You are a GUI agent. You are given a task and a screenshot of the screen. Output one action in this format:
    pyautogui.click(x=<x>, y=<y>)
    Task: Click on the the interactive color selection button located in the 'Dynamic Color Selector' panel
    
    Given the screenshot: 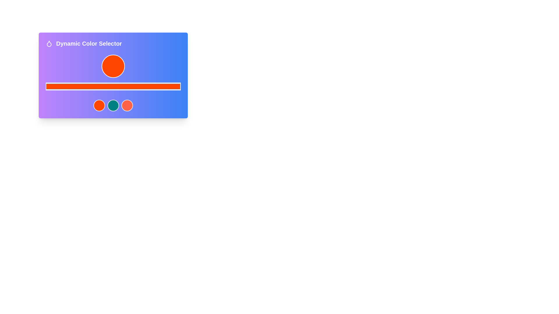 What is the action you would take?
    pyautogui.click(x=127, y=105)
    